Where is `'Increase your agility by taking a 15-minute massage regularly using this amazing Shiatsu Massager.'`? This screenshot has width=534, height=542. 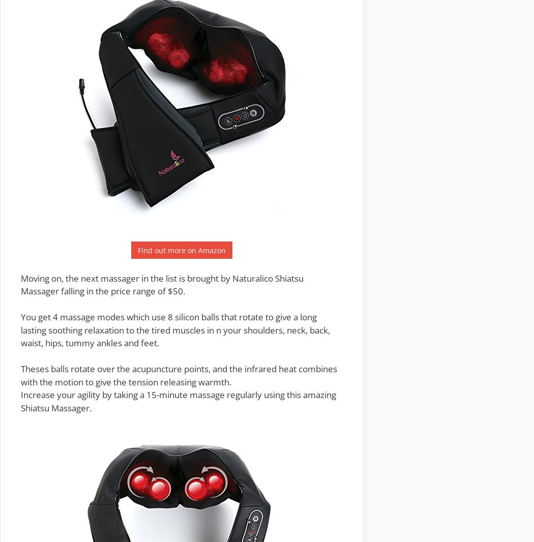
'Increase your agility by taking a 15-minute massage regularly using this amazing Shiatsu Massager.' is located at coordinates (178, 401).